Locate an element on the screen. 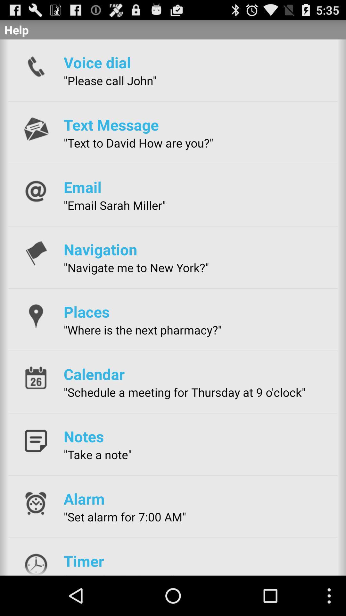 This screenshot has width=346, height=616. the "please call john" item is located at coordinates (110, 80).